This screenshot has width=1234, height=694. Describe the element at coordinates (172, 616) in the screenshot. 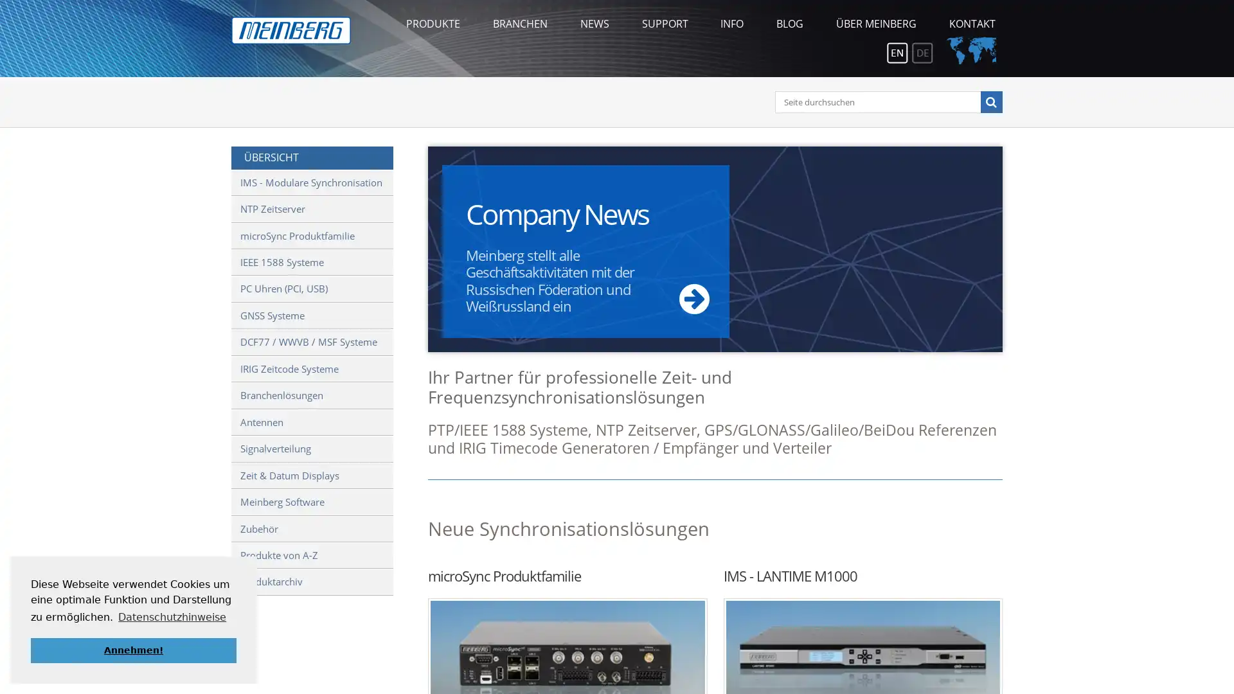

I see `learn more about cookies` at that location.